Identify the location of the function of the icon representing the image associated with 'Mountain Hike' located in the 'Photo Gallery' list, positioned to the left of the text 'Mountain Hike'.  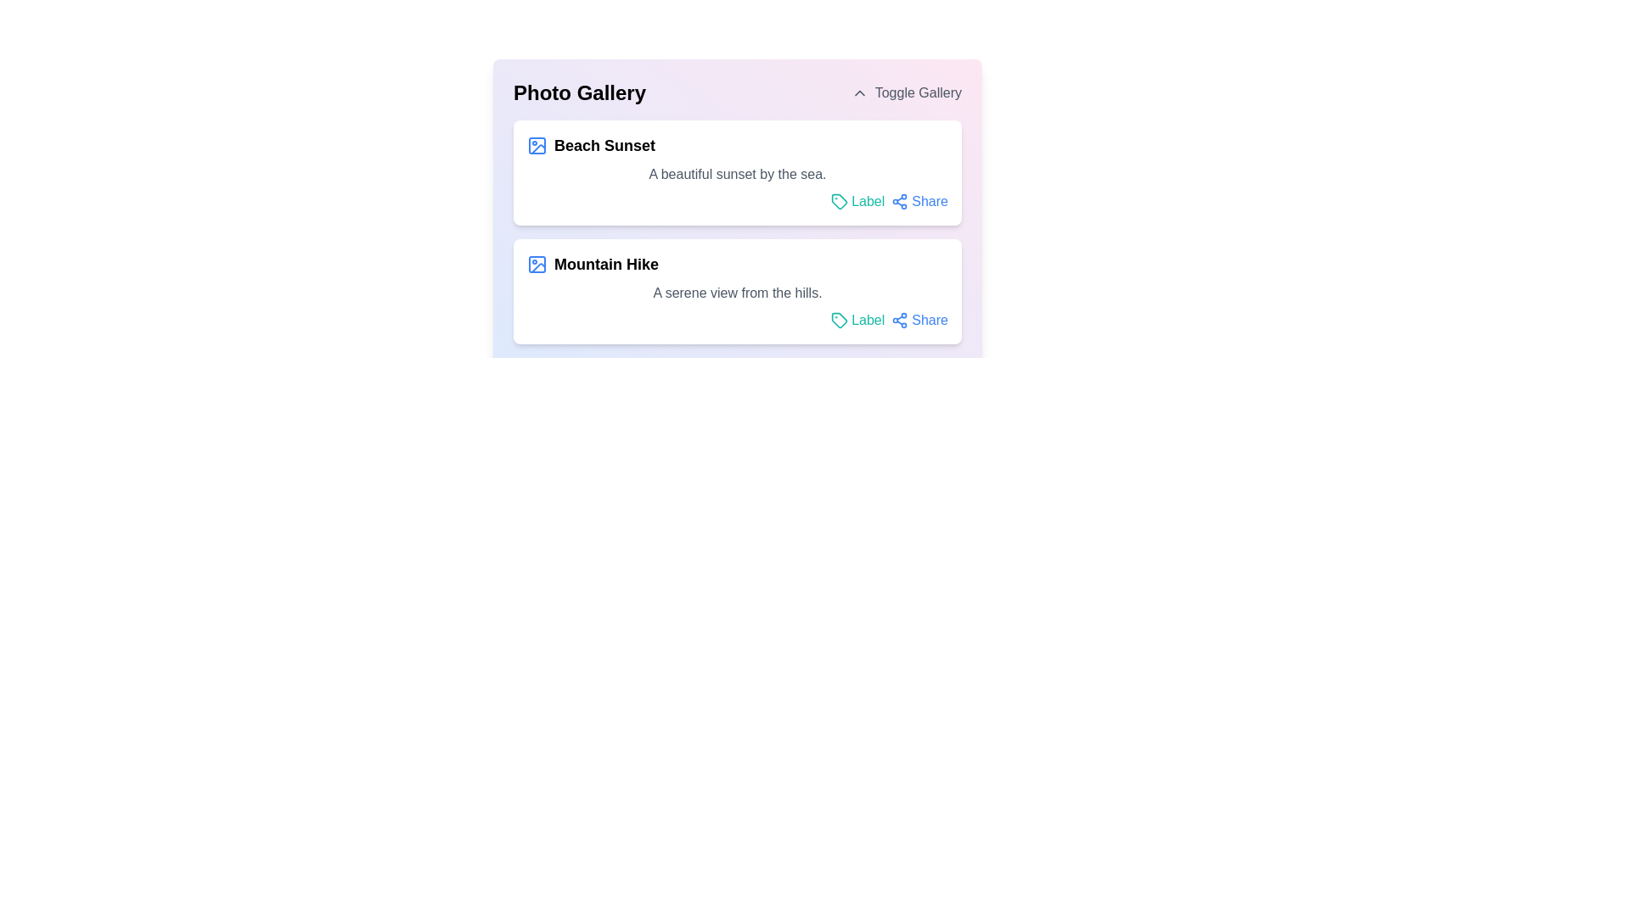
(537, 265).